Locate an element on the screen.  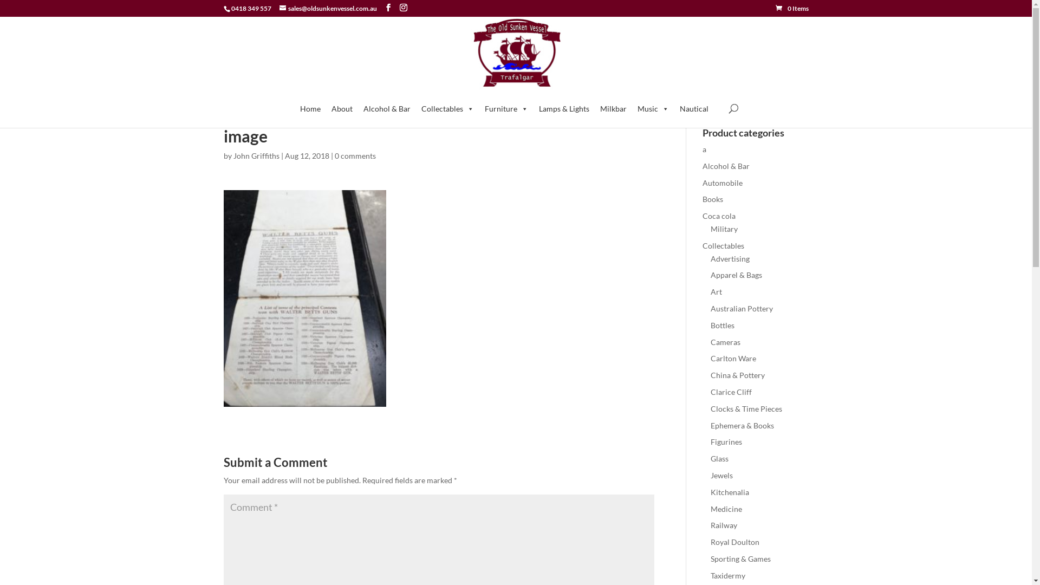
'Nautical' is located at coordinates (694, 108).